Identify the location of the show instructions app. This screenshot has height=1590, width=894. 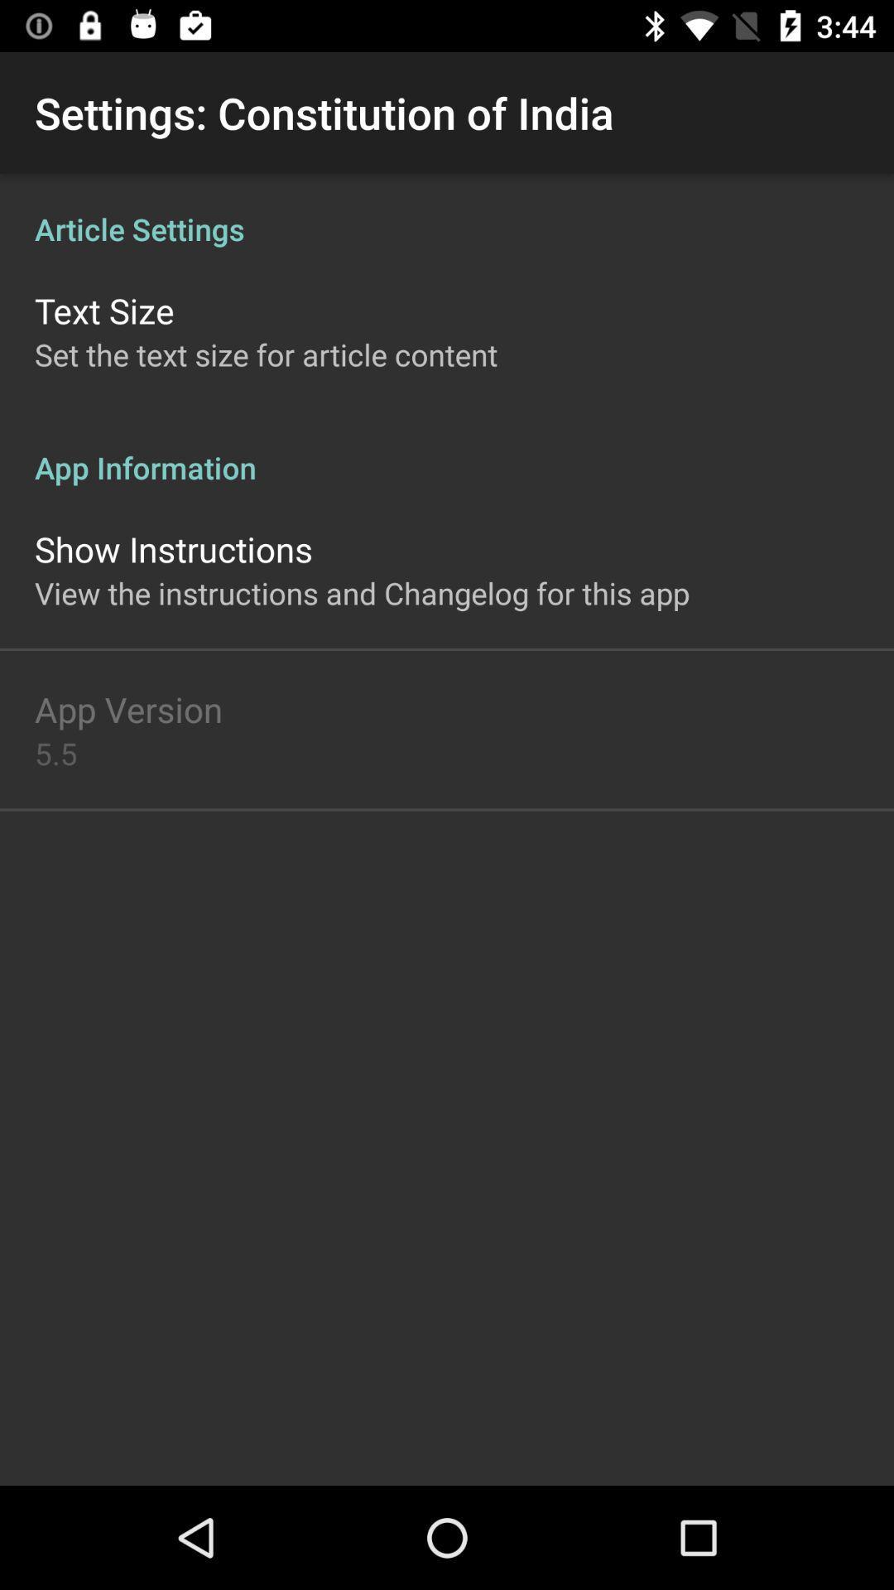
(173, 548).